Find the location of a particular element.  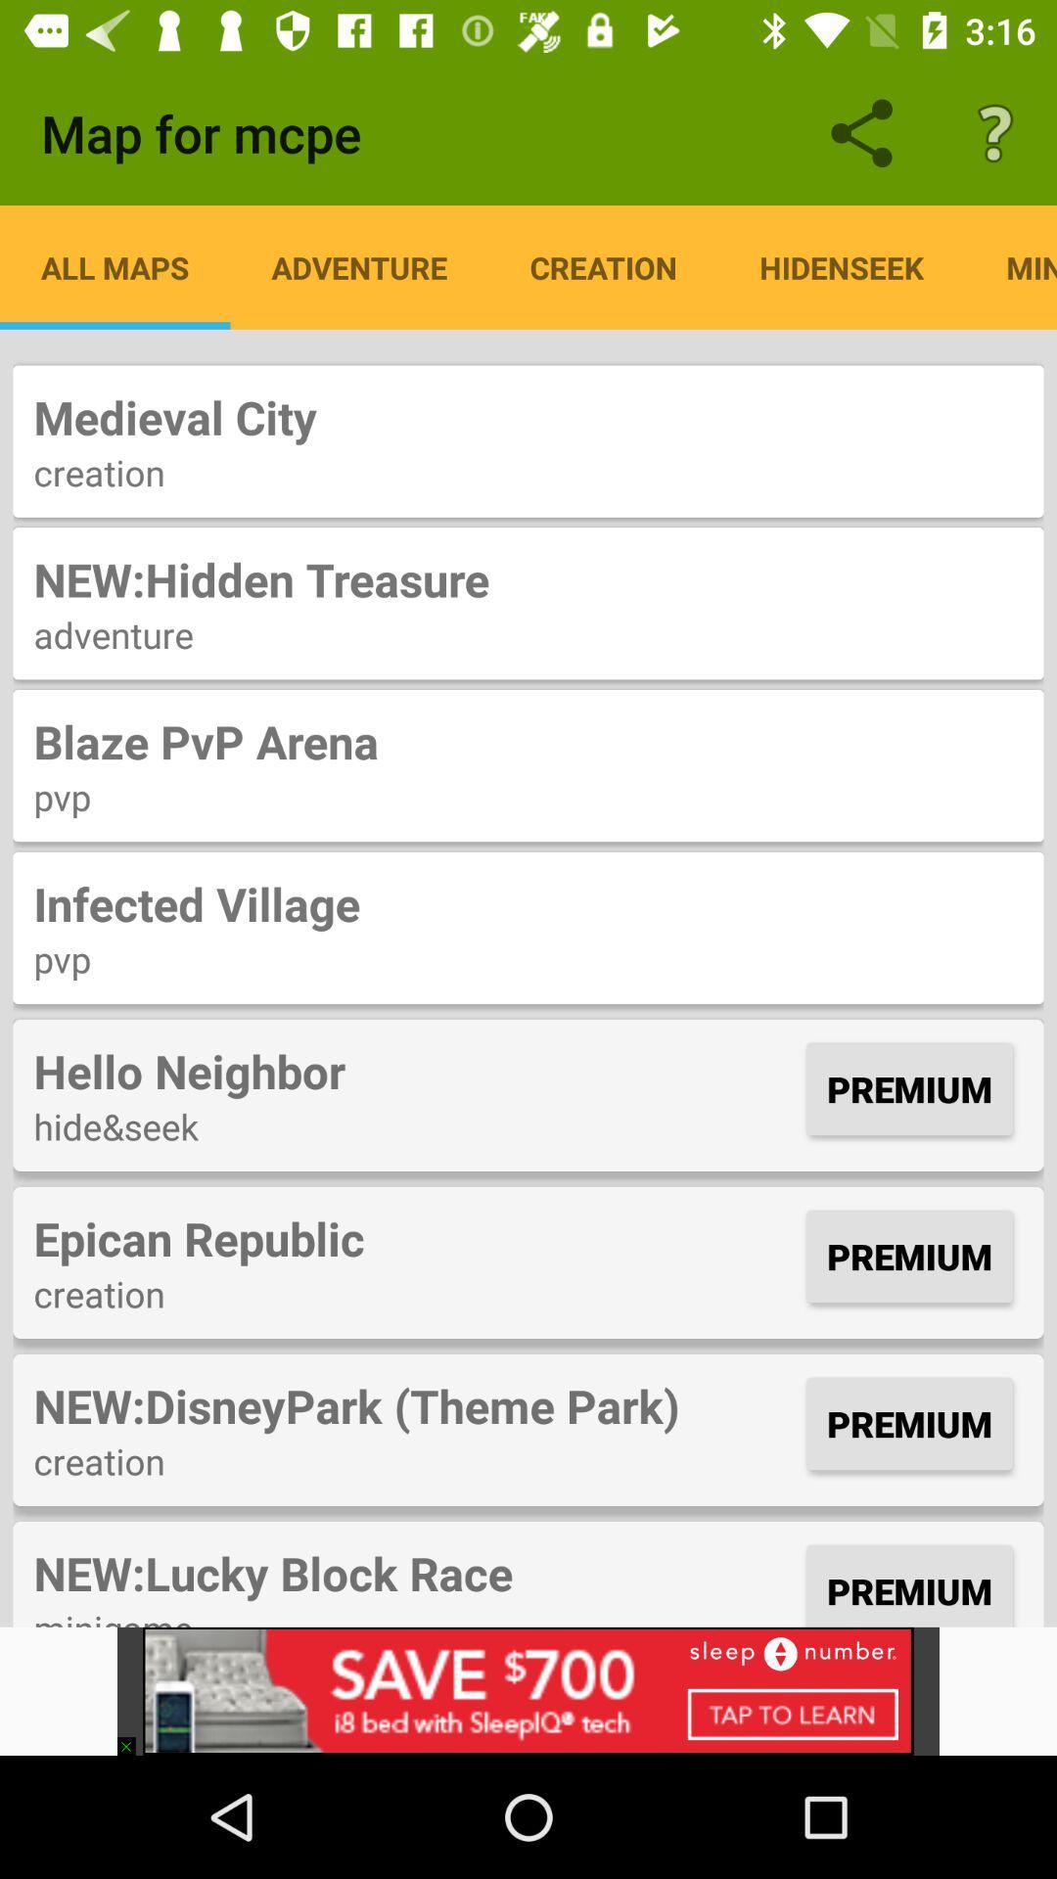

item above the medieval city icon is located at coordinates (841, 266).